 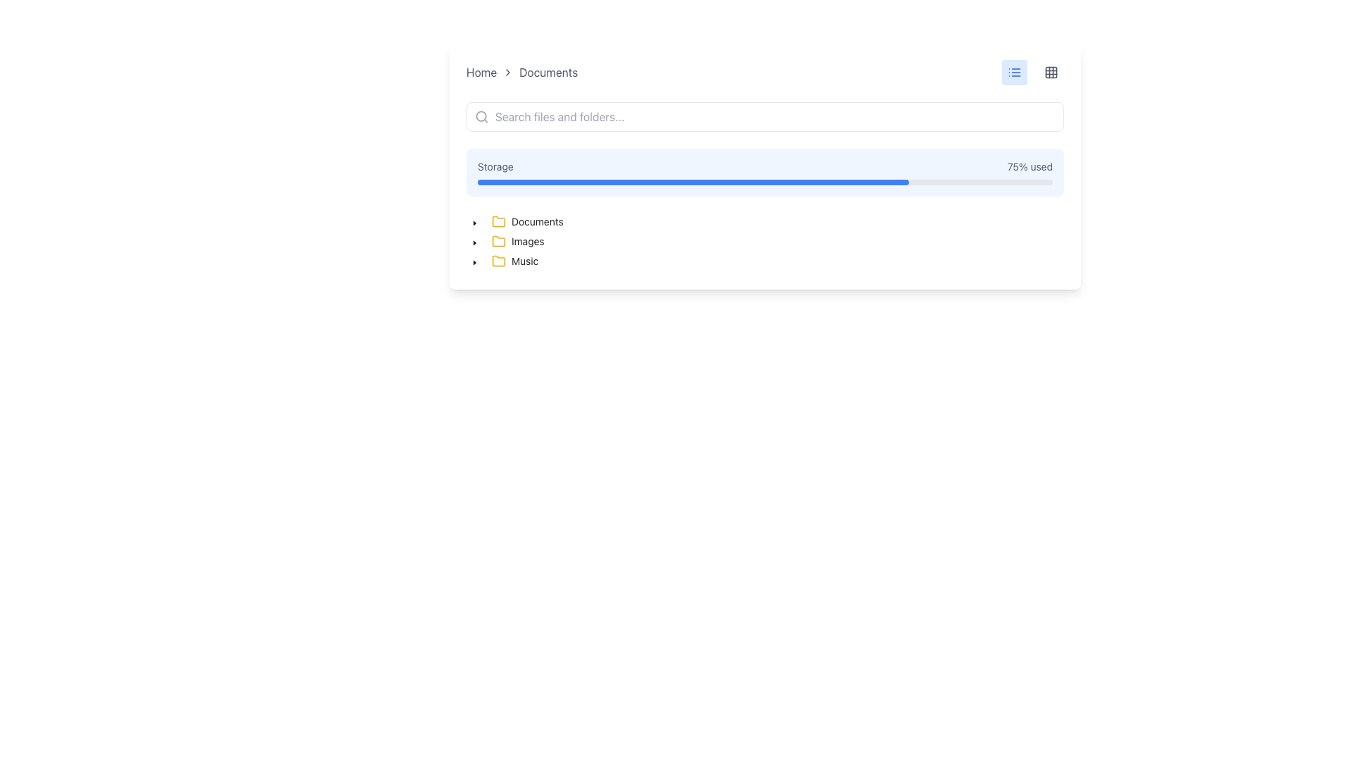 I want to click on the folder icon representing the 'Music' category, which is located in the 'Documents' section, directly preceding the label 'Music', so click(x=499, y=261).